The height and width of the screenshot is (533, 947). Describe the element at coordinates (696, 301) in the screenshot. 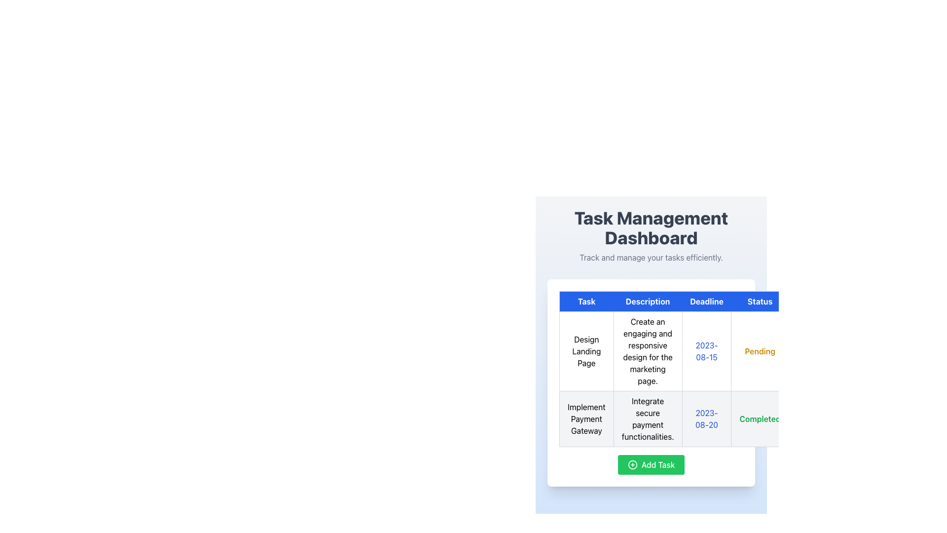

I see `the Table Header Row of the task management dashboard` at that location.